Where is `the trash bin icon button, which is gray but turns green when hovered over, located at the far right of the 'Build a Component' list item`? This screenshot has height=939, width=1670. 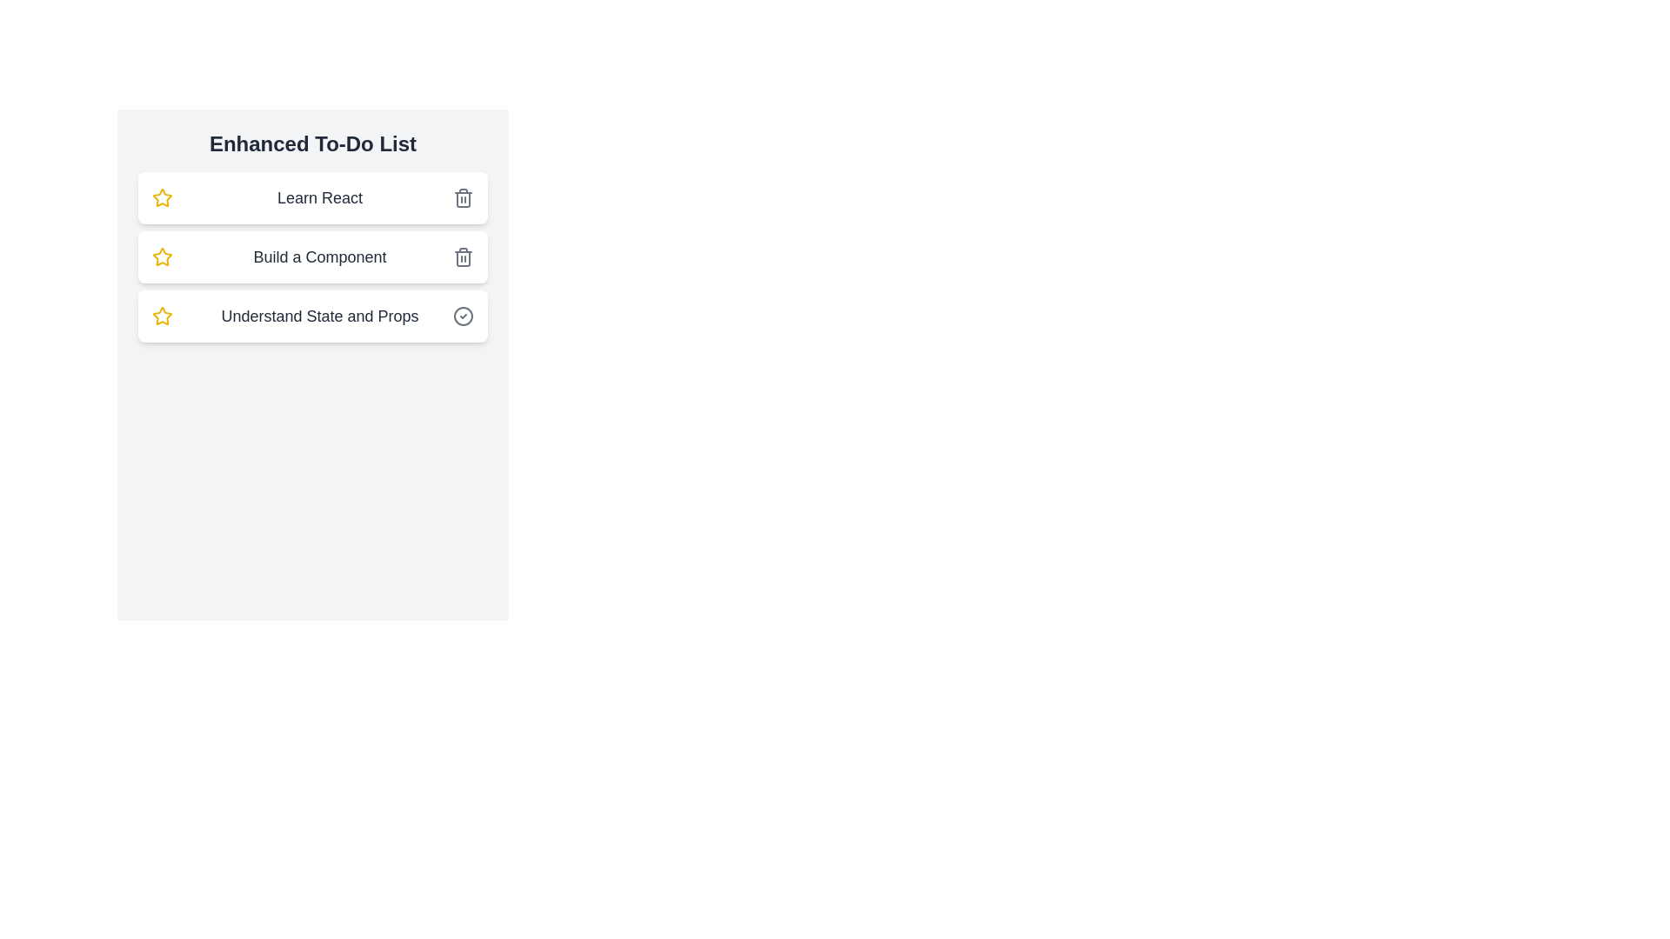 the trash bin icon button, which is gray but turns green when hovered over, located at the far right of the 'Build a Component' list item is located at coordinates (463, 257).